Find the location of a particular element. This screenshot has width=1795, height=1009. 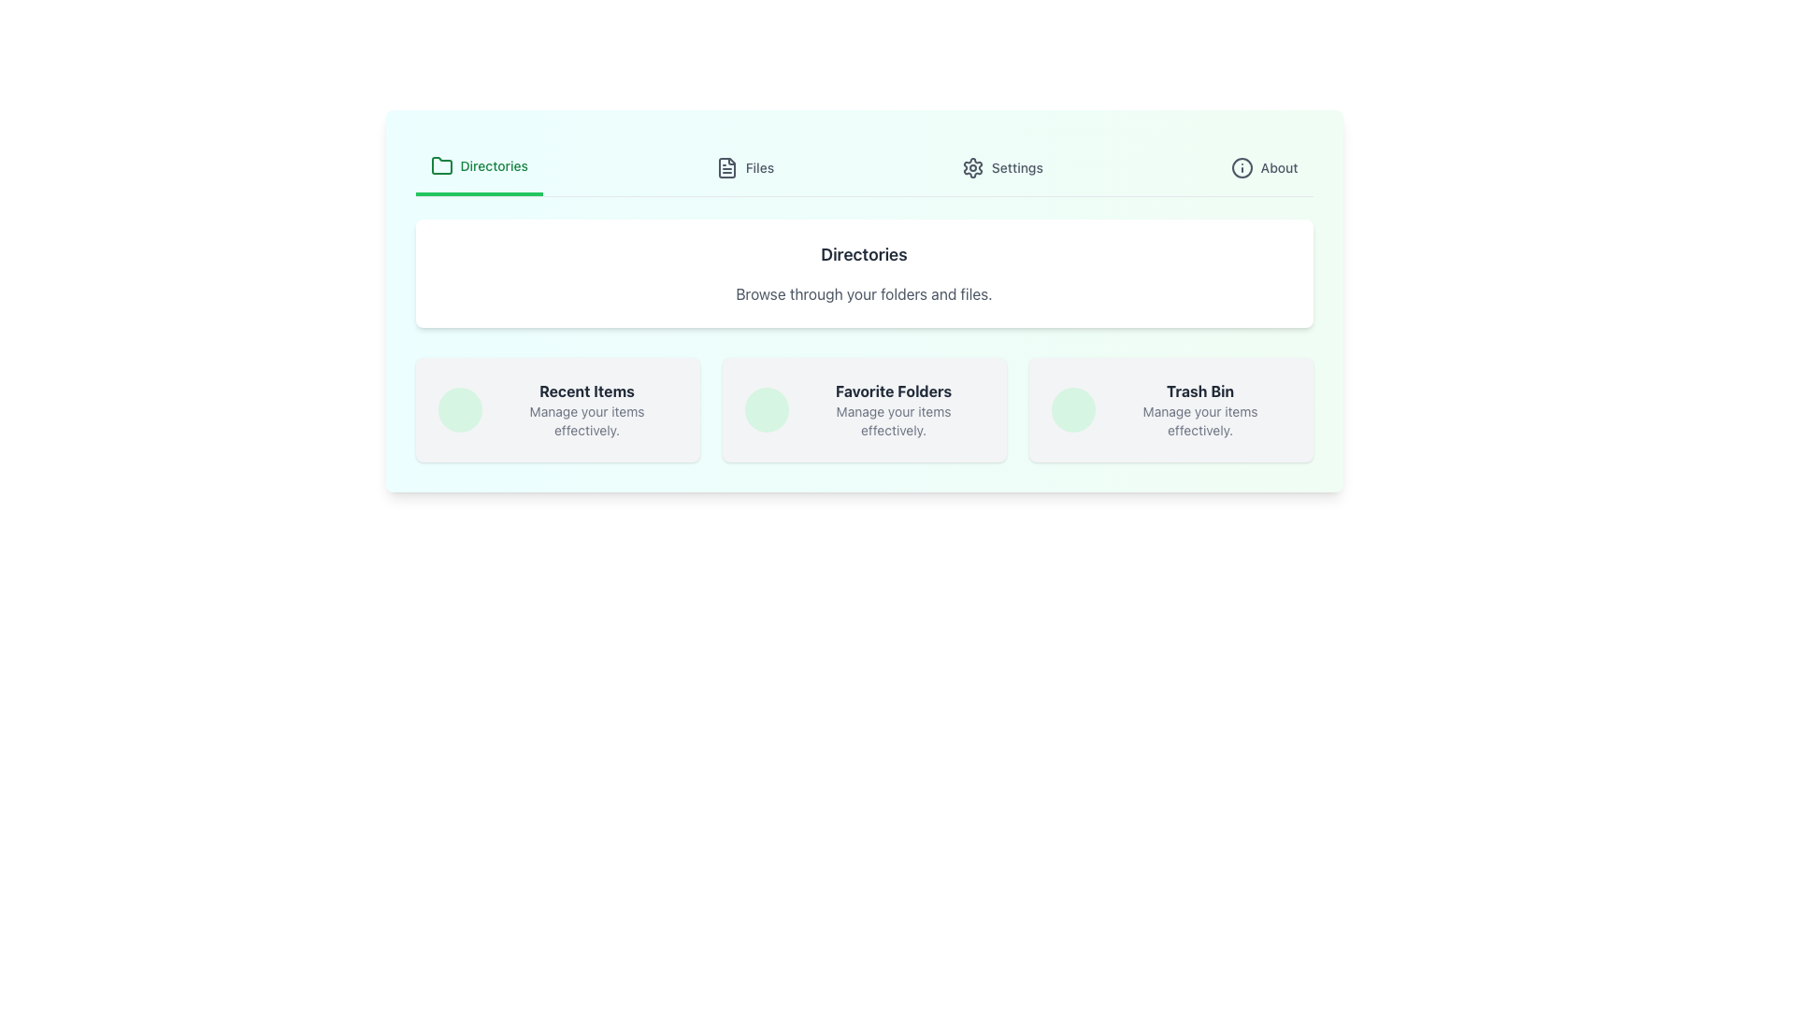

the labels and icons in the Navigation Bar located at the top center of the interface, which includes 'Directories', 'Files', 'Settings', and 'About' is located at coordinates (863, 168).